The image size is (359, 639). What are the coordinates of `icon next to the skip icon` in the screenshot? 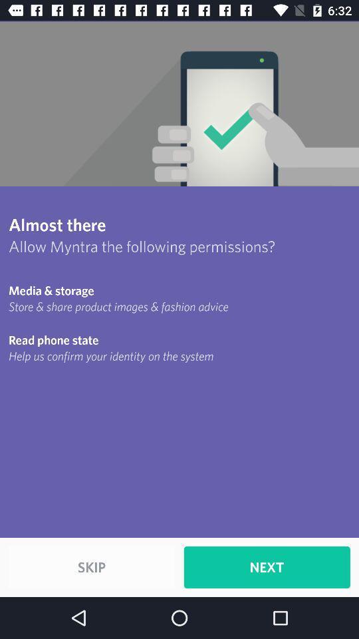 It's located at (267, 566).